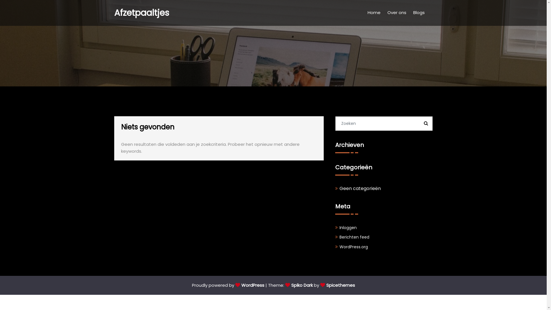 The height and width of the screenshot is (310, 551). I want to click on 'Berichten feed', so click(354, 237).